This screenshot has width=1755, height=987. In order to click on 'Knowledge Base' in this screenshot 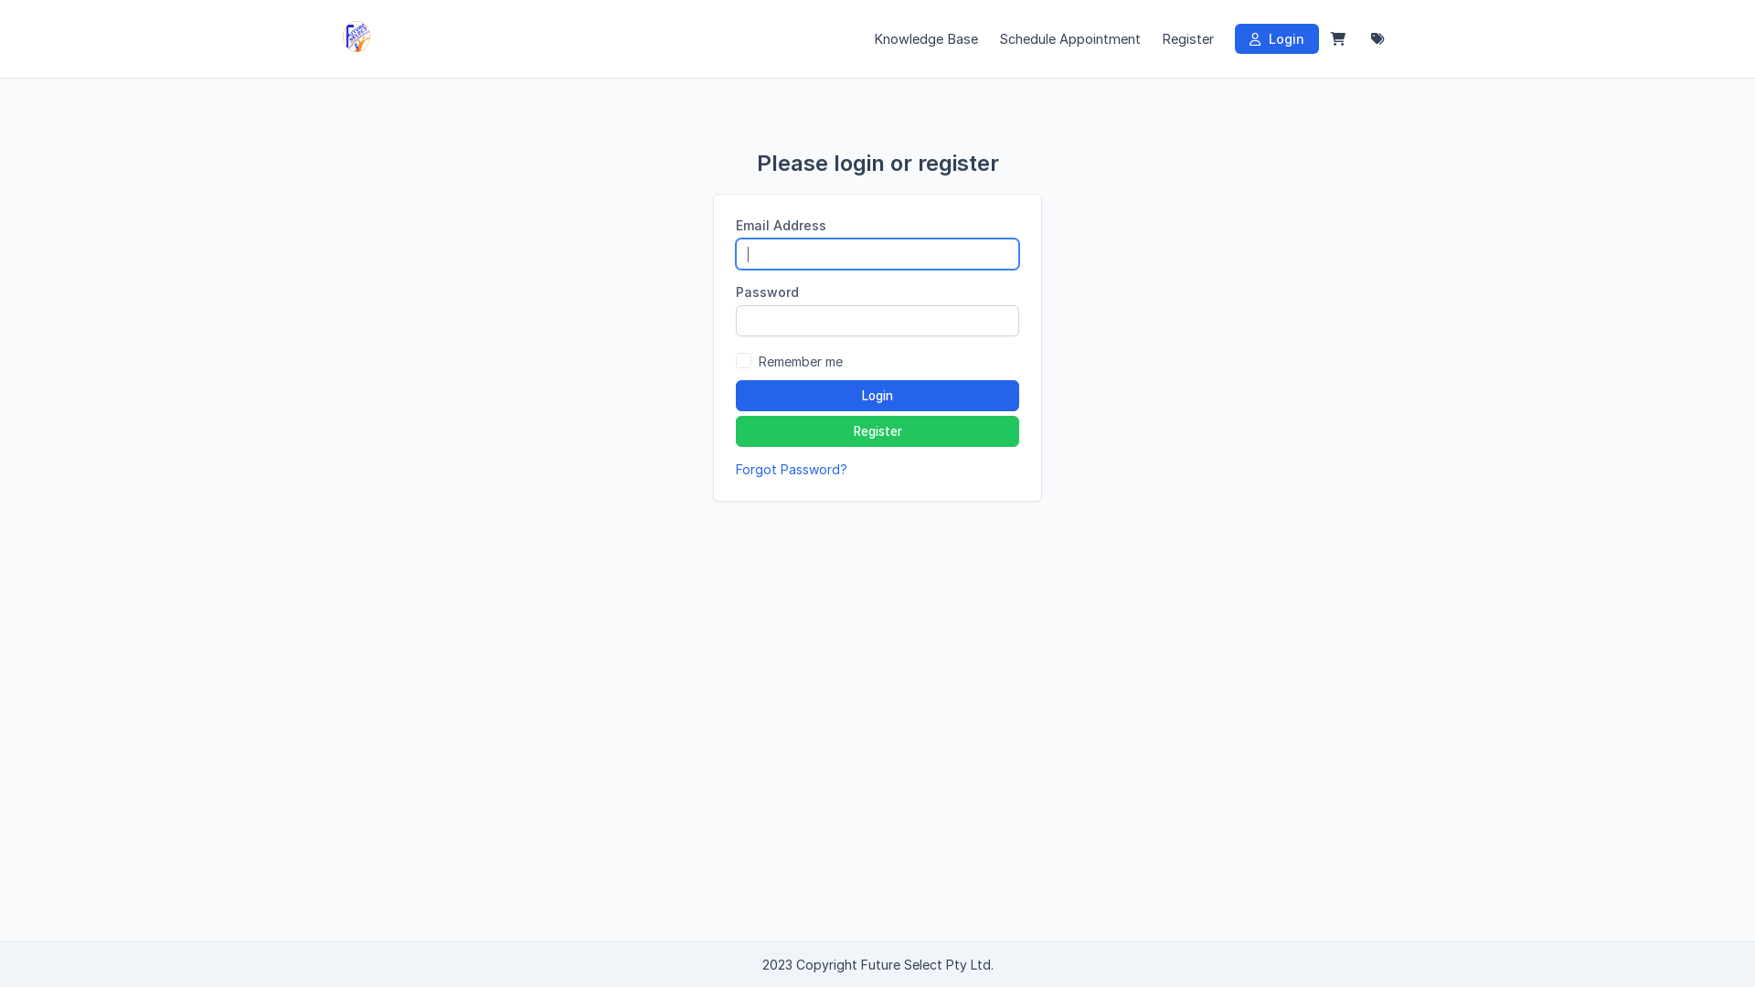, I will do `click(863, 38)`.